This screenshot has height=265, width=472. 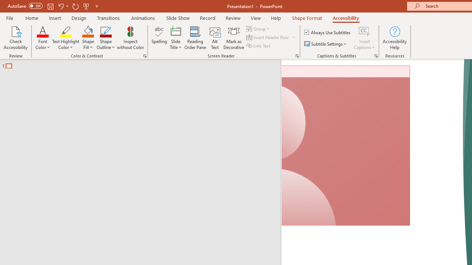 What do you see at coordinates (346, 18) in the screenshot?
I see `'Accessibility'` at bounding box center [346, 18].